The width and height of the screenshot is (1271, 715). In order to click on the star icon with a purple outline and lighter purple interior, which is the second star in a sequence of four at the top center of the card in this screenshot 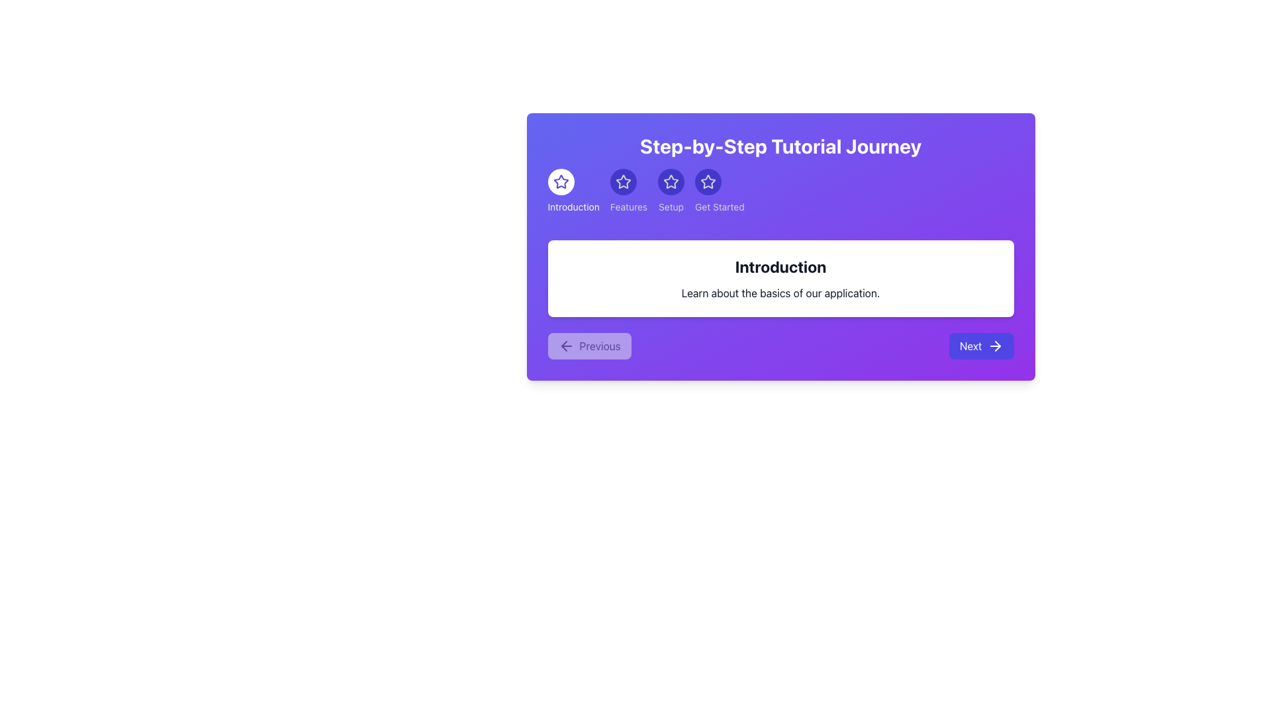, I will do `click(622, 181)`.